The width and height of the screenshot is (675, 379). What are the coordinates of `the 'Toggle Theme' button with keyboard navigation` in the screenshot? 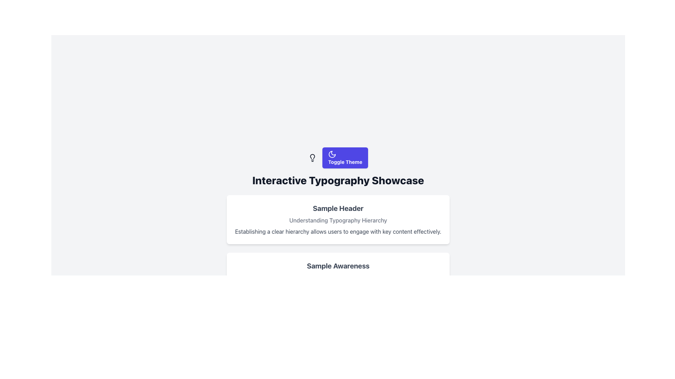 It's located at (345, 158).